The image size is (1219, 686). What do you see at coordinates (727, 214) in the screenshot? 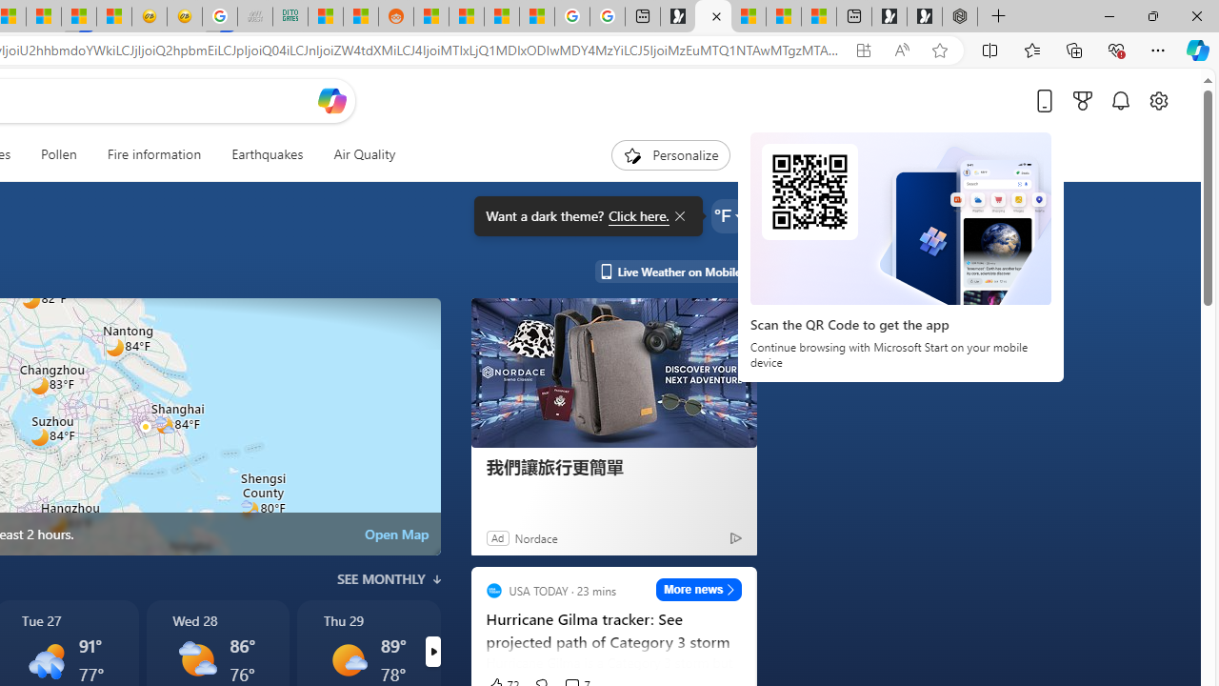
I see `'Weather settings Want a dark theme?Click here.'` at bounding box center [727, 214].